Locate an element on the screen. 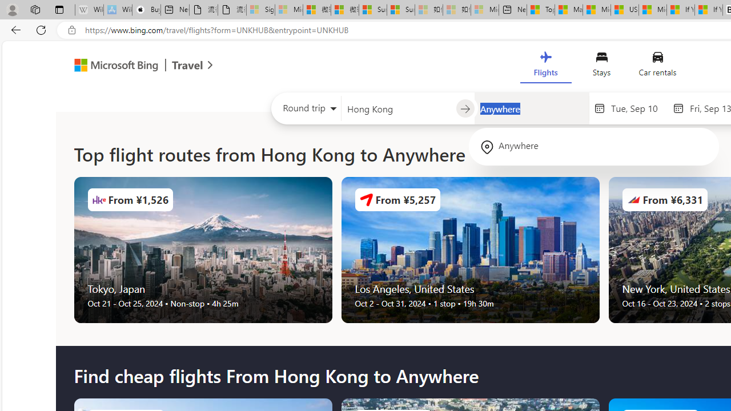 Image resolution: width=731 pixels, height=411 pixels. 'Leaving from?' is located at coordinates (398, 108).